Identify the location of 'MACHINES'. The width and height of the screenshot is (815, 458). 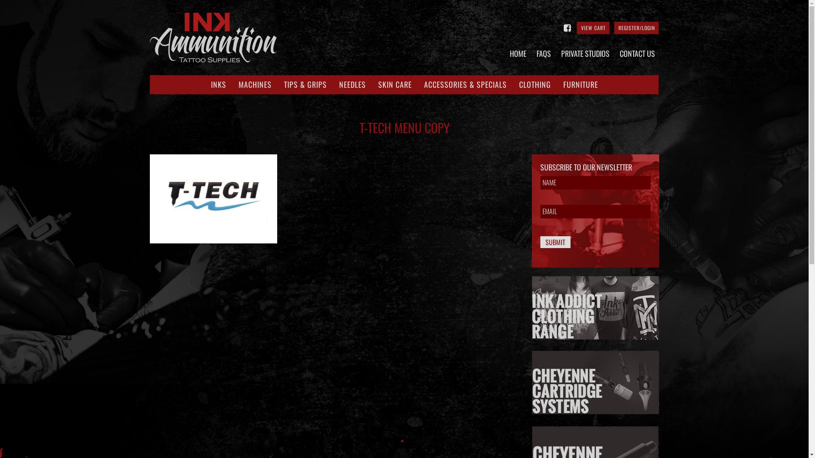
(238, 85).